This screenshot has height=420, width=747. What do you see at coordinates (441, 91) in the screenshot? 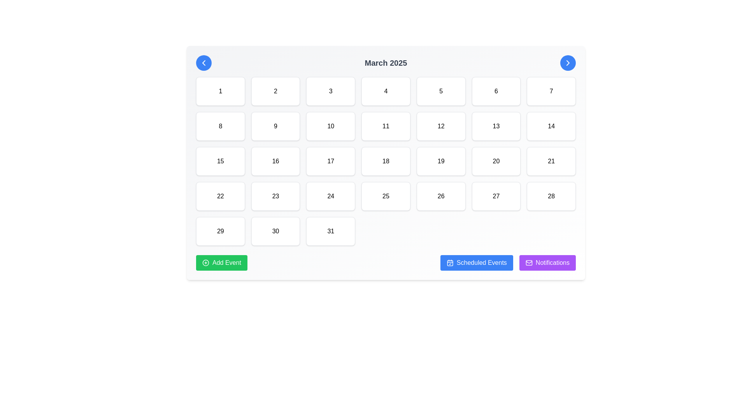
I see `the Date element displaying the number '5' in the calendar grid, located in the top row and fifth column` at bounding box center [441, 91].